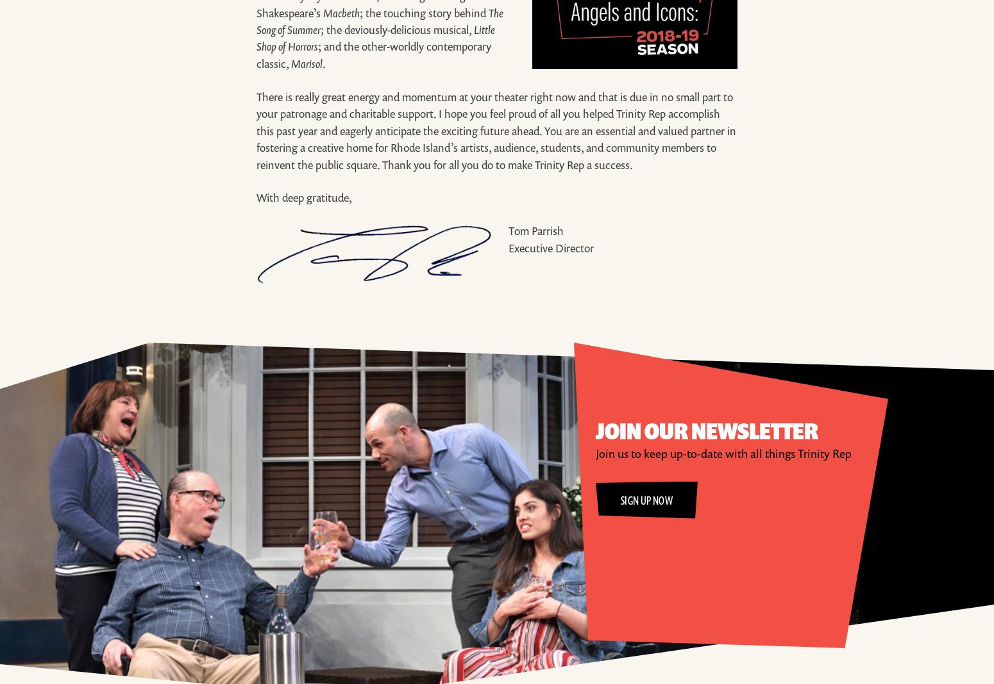 This screenshot has width=994, height=684. Describe the element at coordinates (303, 197) in the screenshot. I see `'With deep gratitude,'` at that location.